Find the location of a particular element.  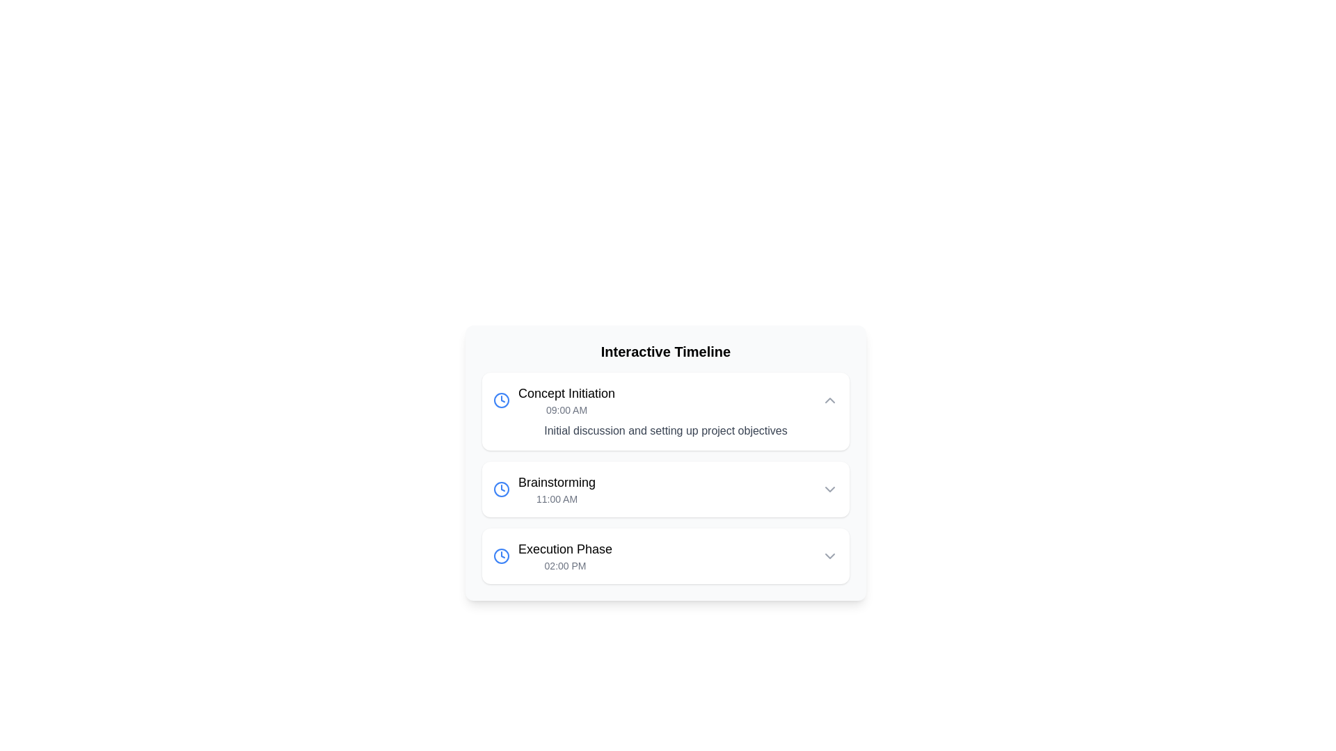

the first listed event label in the vertical timeline, which describes the scheduled event and its starting time is located at coordinates (566, 400).